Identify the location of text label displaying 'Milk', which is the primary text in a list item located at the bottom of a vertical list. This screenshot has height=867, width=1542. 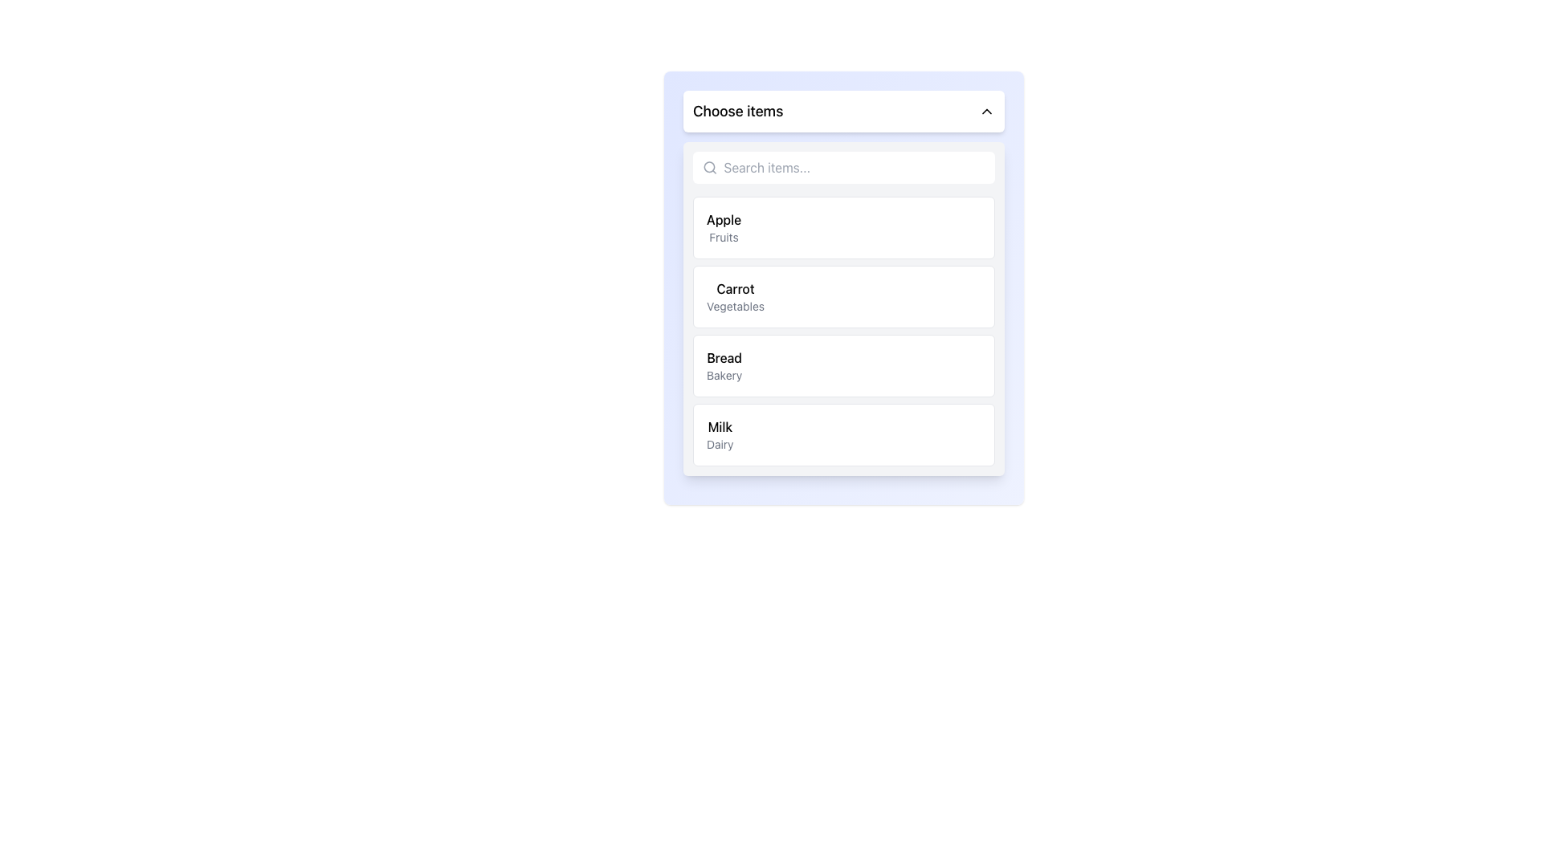
(719, 426).